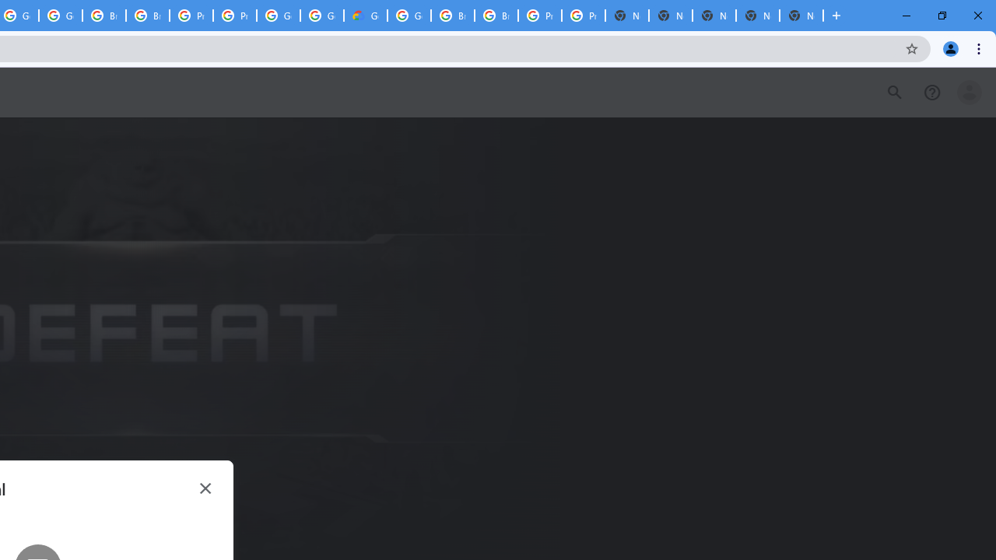 The image size is (996, 560). I want to click on 'Browse Chrome as a guest - Computer - Google Chrome Help', so click(452, 16).